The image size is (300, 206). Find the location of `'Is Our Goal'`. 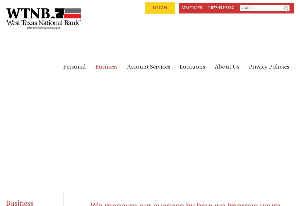

'Is Our Goal' is located at coordinates (49, 134).